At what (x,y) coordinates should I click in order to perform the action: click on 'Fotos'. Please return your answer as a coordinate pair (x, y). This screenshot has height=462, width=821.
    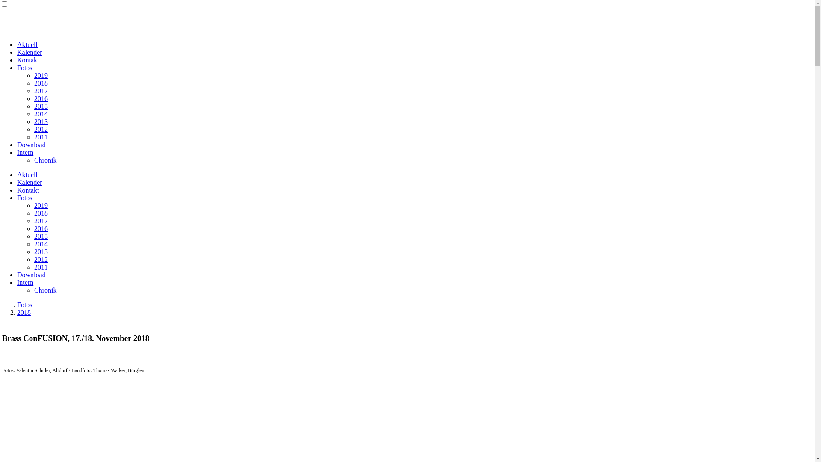
    Looking at the image, I should click on (24, 304).